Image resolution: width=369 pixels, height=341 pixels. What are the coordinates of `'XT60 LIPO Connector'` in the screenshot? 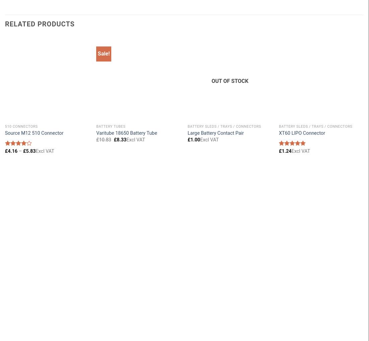 It's located at (301, 133).